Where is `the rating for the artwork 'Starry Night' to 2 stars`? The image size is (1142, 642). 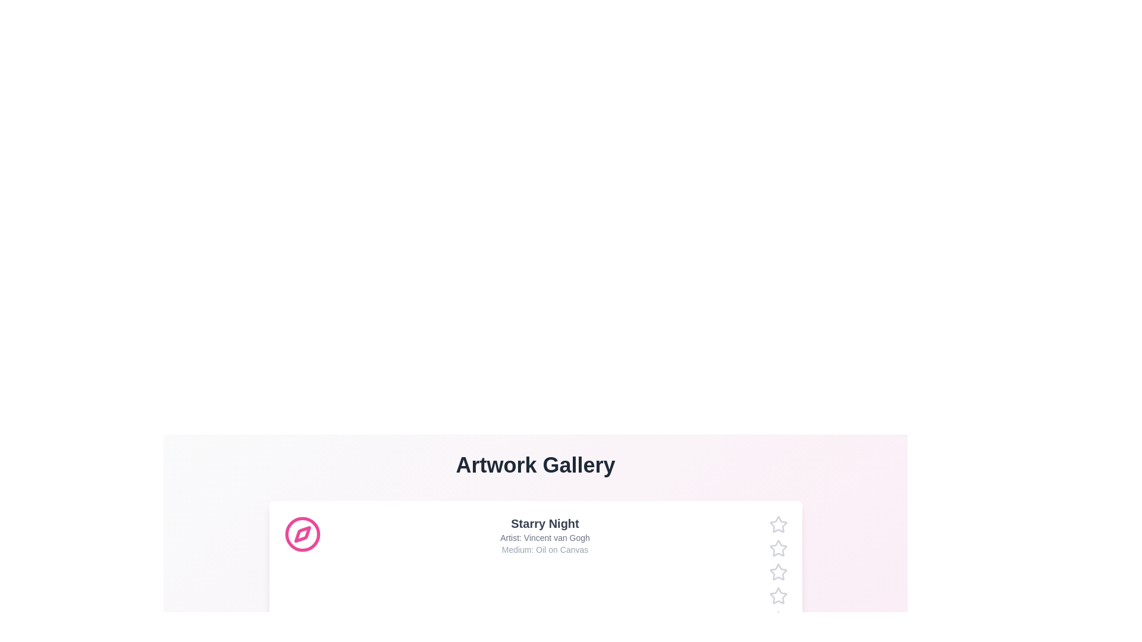
the rating for the artwork 'Starry Night' to 2 stars is located at coordinates (768, 548).